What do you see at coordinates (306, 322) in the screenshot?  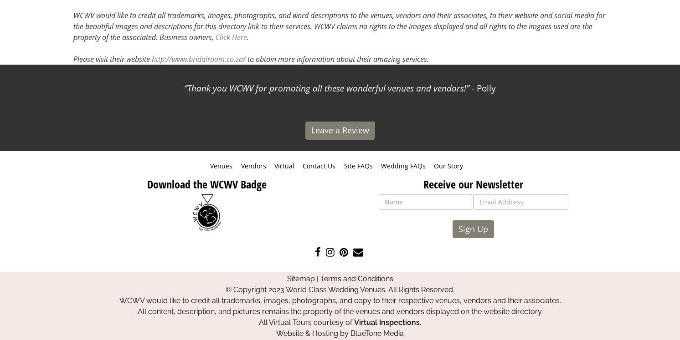 I see `'All Virtual Tours courtesy of'` at bounding box center [306, 322].